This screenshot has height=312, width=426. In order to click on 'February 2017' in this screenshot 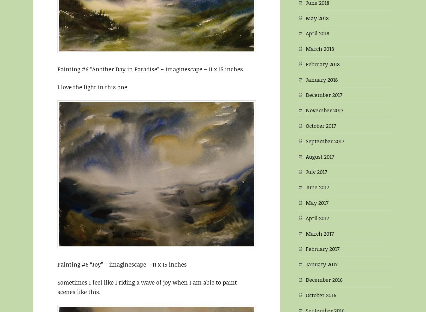, I will do `click(322, 248)`.